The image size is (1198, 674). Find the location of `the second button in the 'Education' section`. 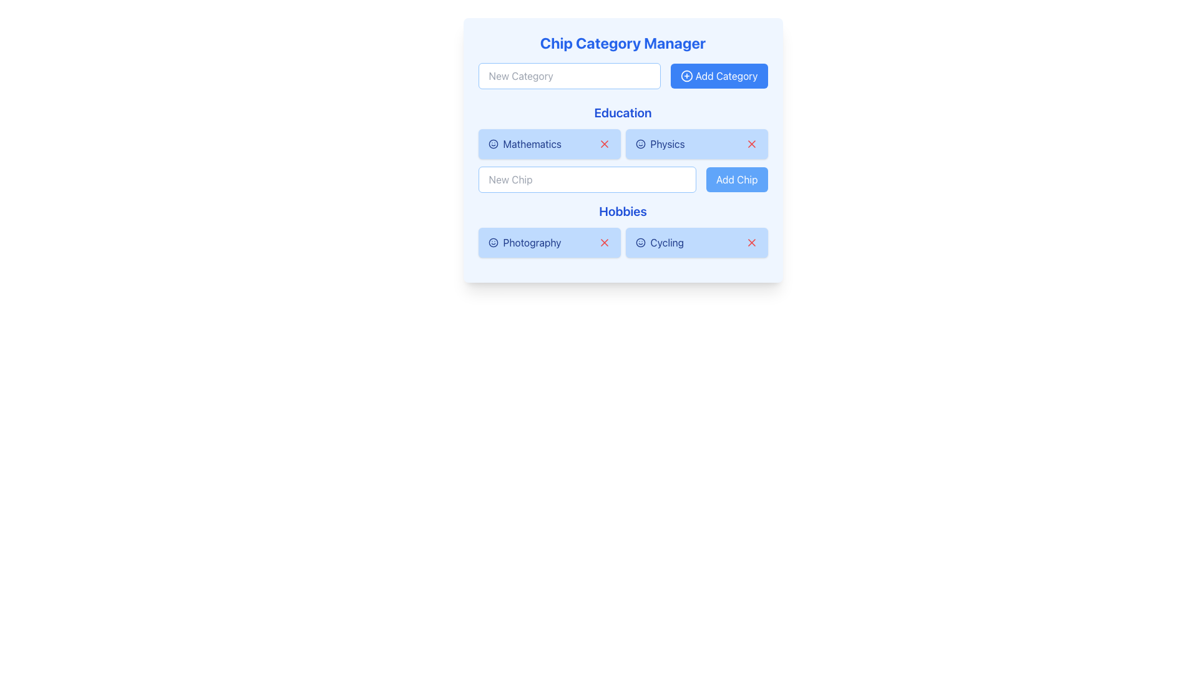

the second button in the 'Education' section is located at coordinates (604, 144).